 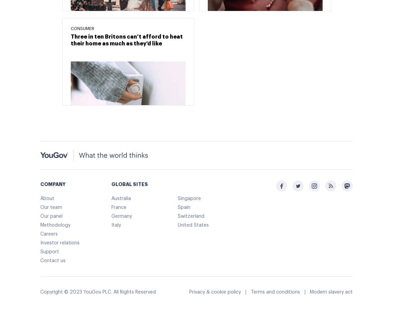 I want to click on 'About', so click(x=47, y=199).